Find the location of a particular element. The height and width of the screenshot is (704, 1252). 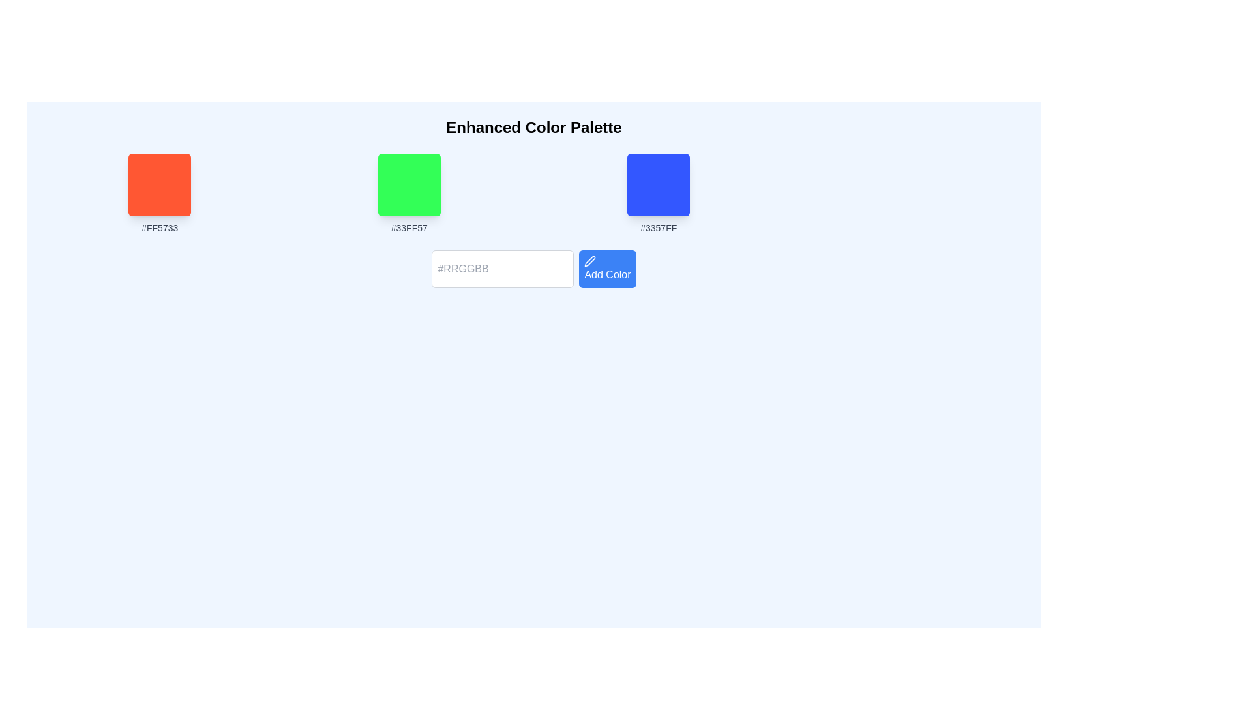

the bright green color swatch element (#33FF57) located between the red and blue squares is located at coordinates (408, 185).